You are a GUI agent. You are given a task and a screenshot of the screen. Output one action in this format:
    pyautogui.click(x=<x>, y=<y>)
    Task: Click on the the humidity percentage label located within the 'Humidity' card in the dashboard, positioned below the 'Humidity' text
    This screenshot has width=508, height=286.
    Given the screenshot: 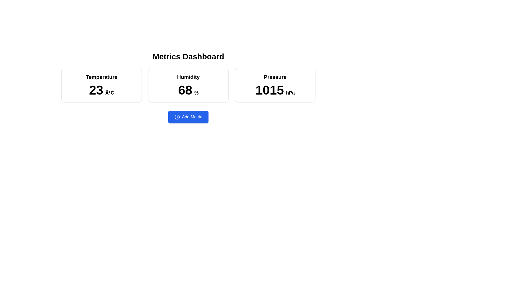 What is the action you would take?
    pyautogui.click(x=188, y=90)
    